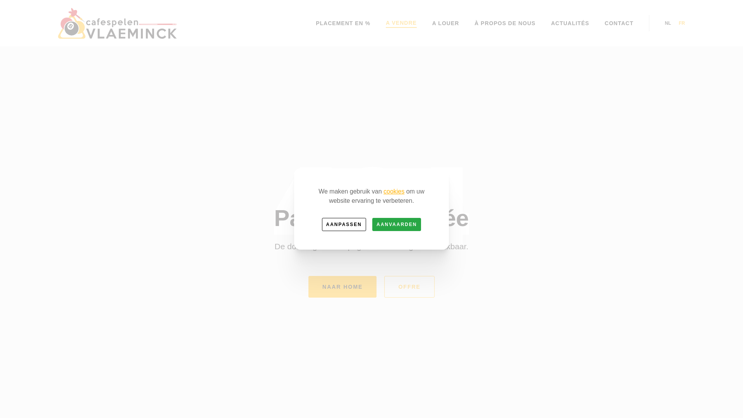  I want to click on 'OFFRE', so click(409, 286).